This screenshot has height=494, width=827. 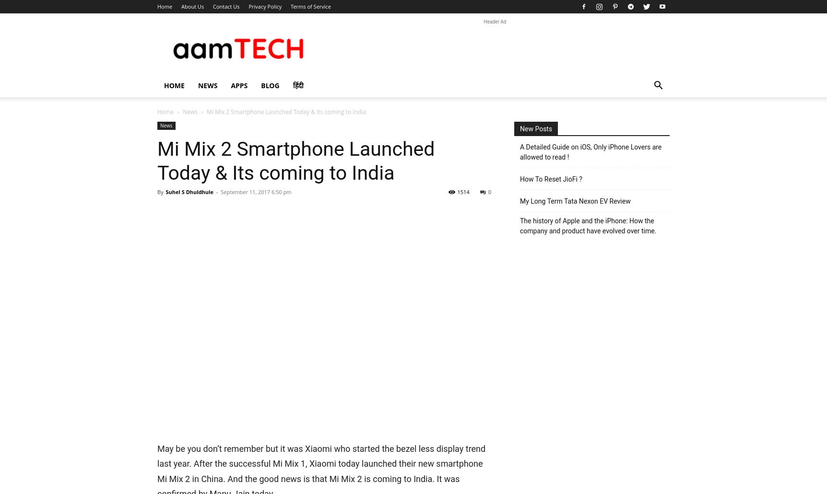 I want to click on 'My Long Term Tata Nexon EV Review', so click(x=575, y=201).